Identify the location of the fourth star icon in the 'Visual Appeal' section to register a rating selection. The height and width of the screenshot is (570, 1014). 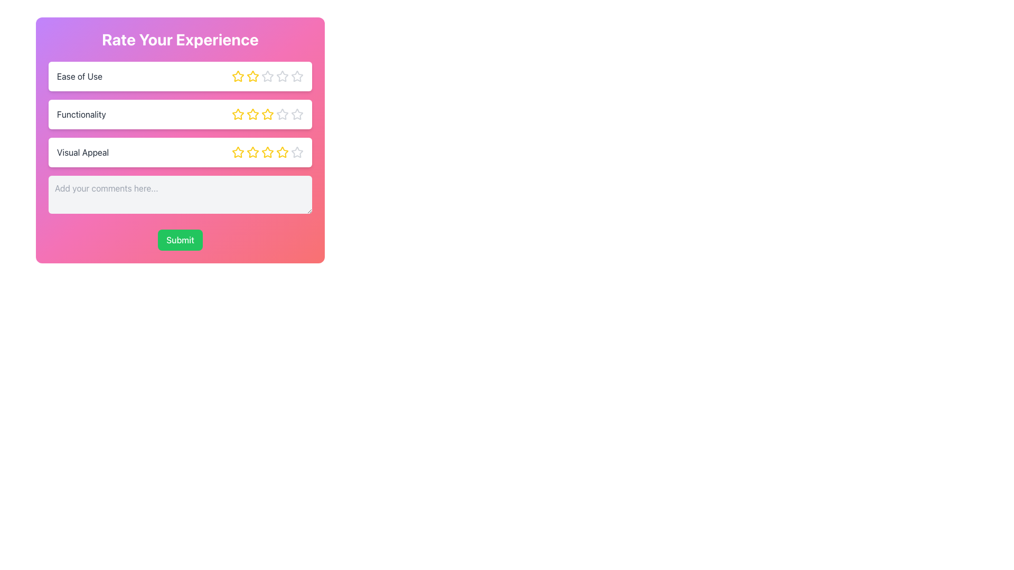
(282, 153).